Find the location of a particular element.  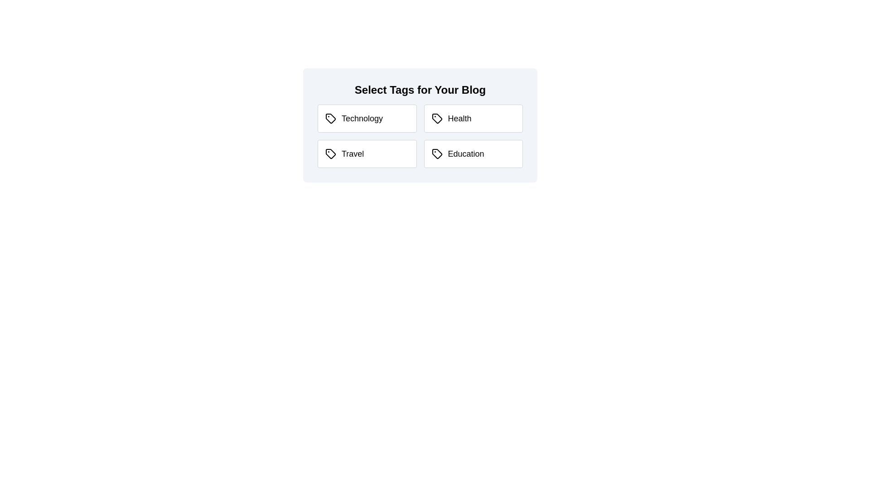

the tag labeled Travel to observe the visual feedback is located at coordinates (367, 153).